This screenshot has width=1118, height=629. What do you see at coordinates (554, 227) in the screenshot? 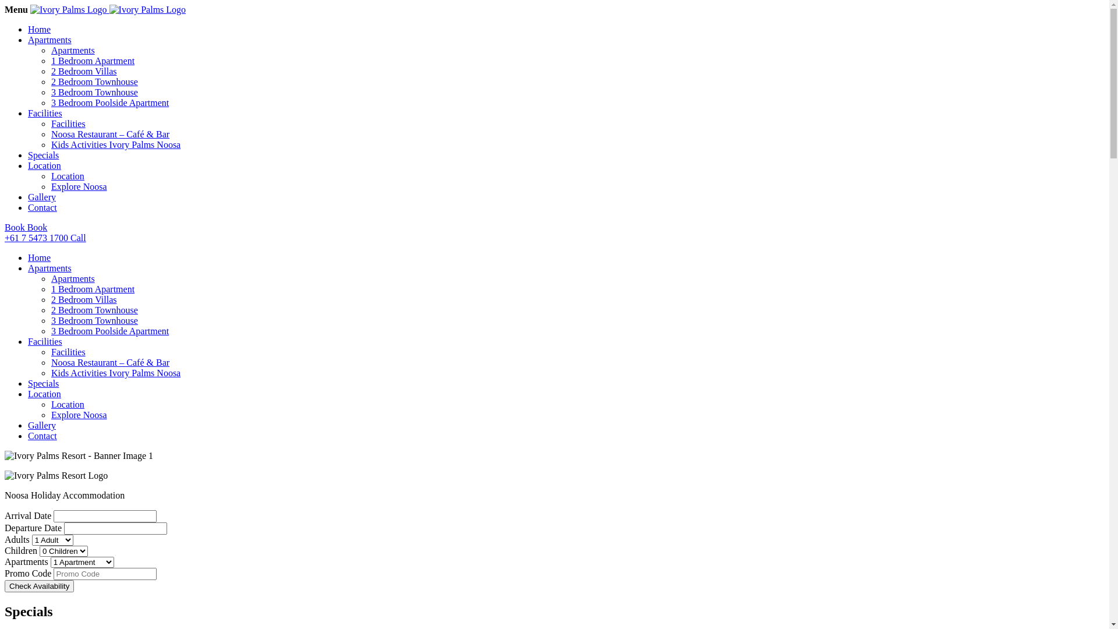
I see `'Book Book'` at bounding box center [554, 227].